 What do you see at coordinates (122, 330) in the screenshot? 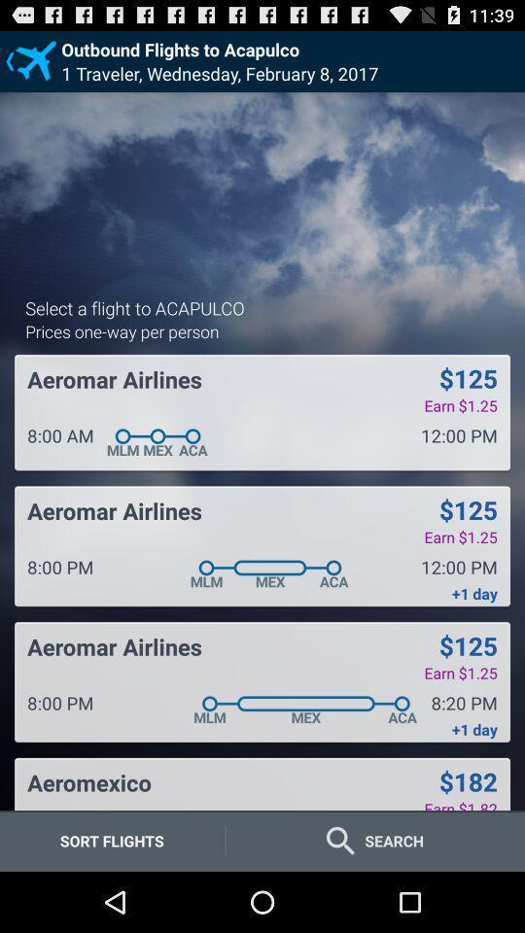
I see `the prices one way item` at bounding box center [122, 330].